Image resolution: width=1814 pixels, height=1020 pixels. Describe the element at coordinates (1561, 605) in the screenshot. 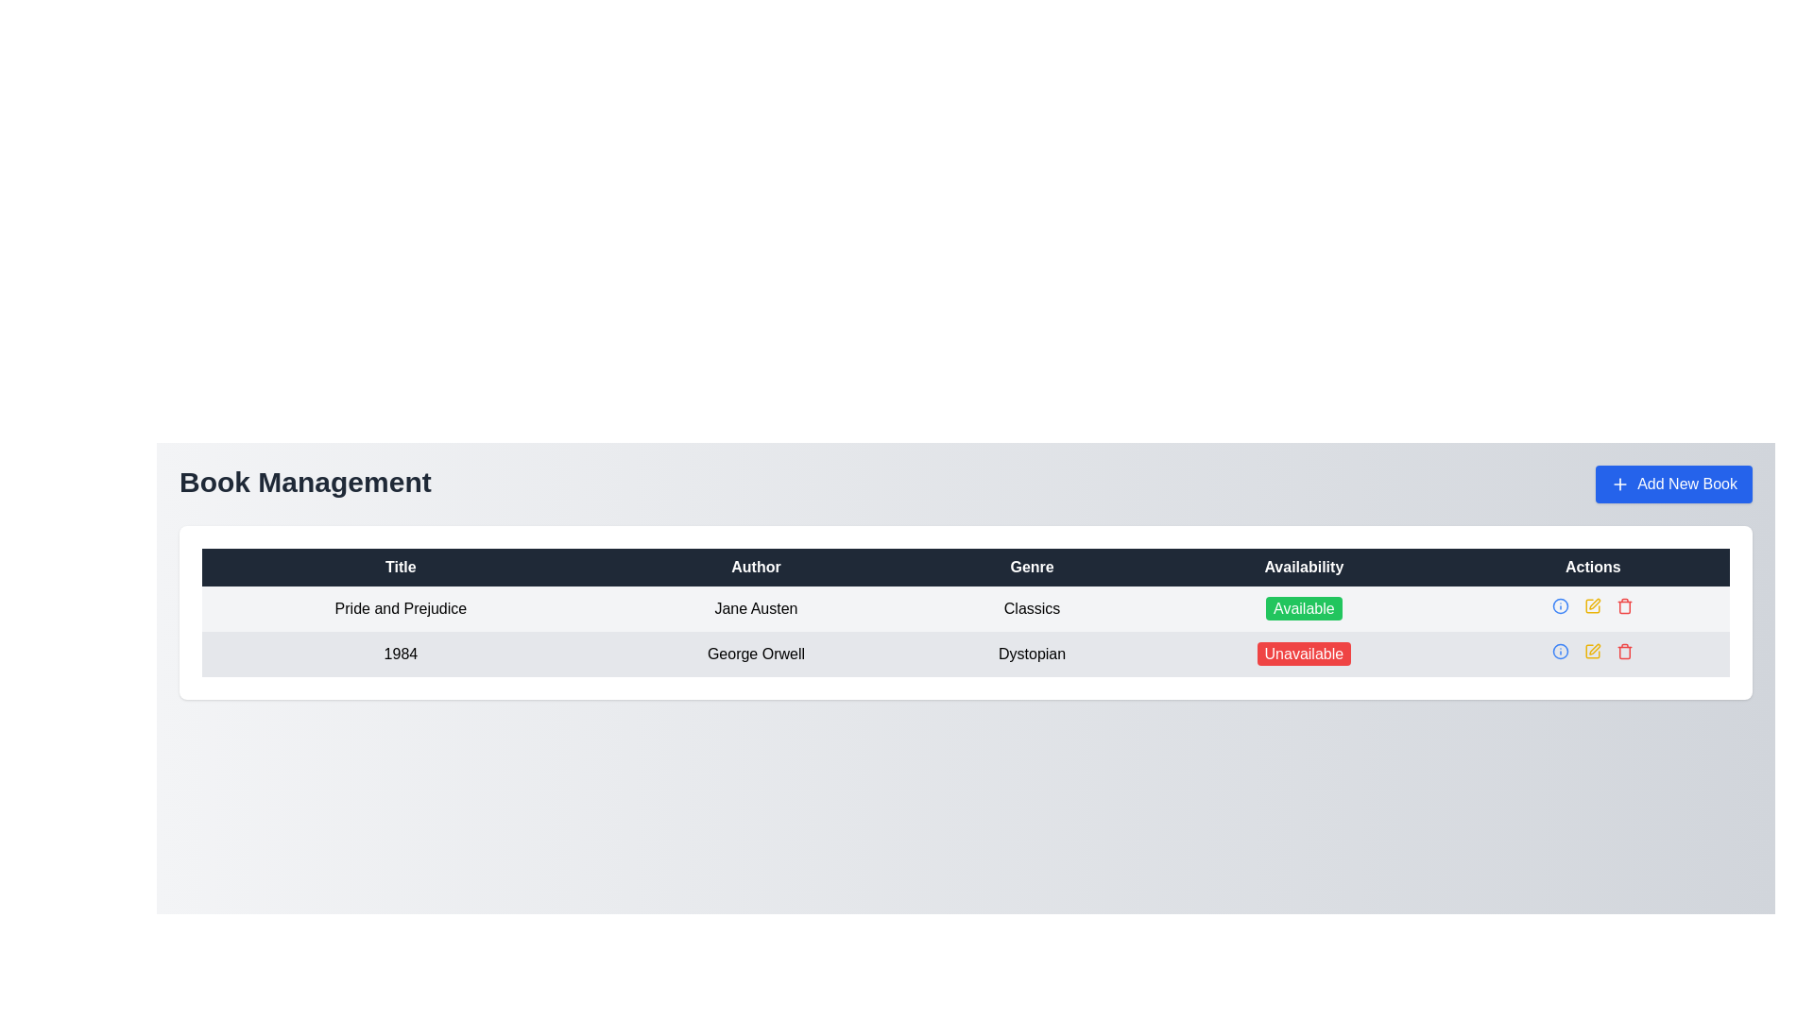

I see `the information button located in the 'Actions' column of the second row of the table` at that location.